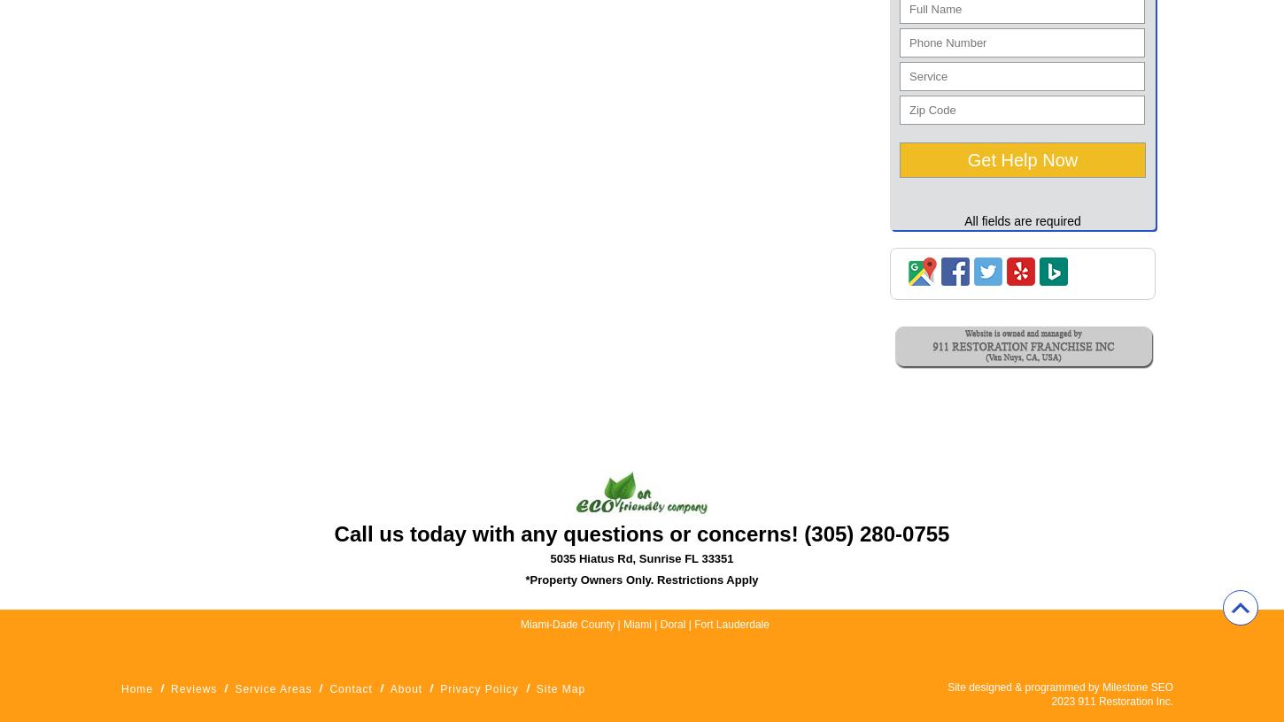 The image size is (1284, 722). I want to click on '2023 911 Restoration Inc.', so click(1111, 701).